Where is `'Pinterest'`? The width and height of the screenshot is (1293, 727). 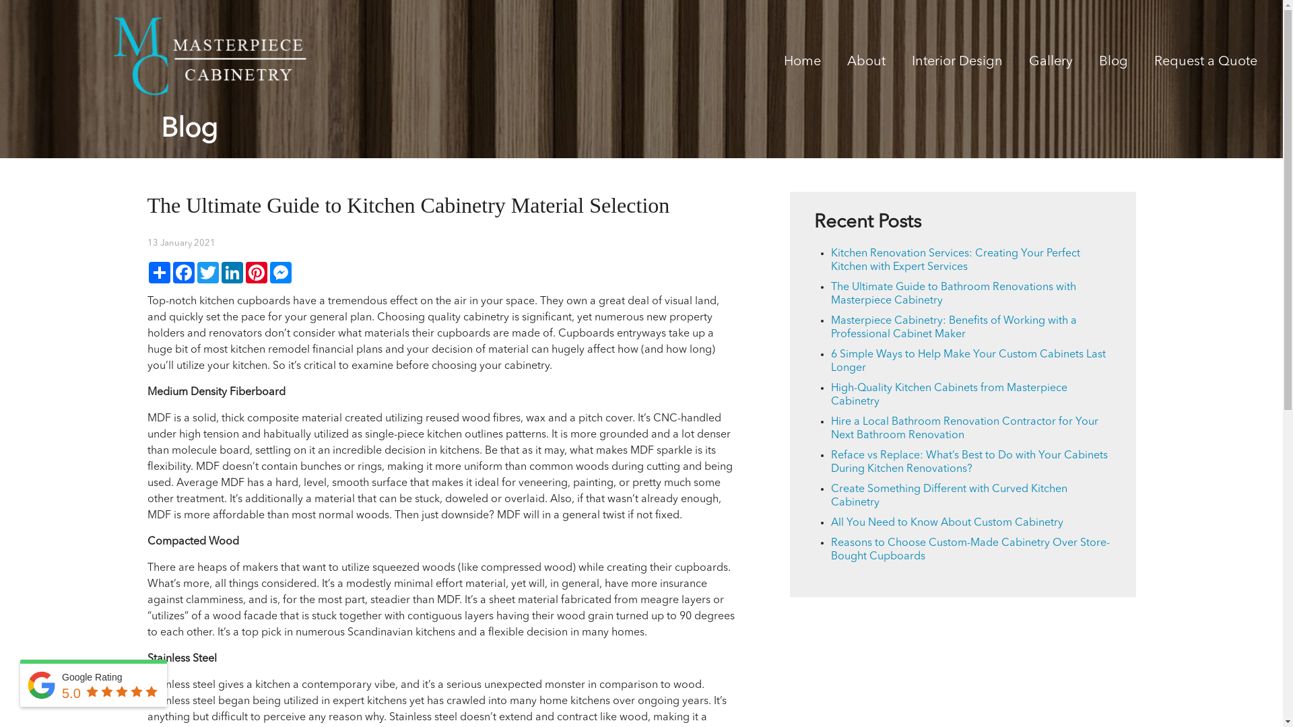
'Pinterest' is located at coordinates (255, 273).